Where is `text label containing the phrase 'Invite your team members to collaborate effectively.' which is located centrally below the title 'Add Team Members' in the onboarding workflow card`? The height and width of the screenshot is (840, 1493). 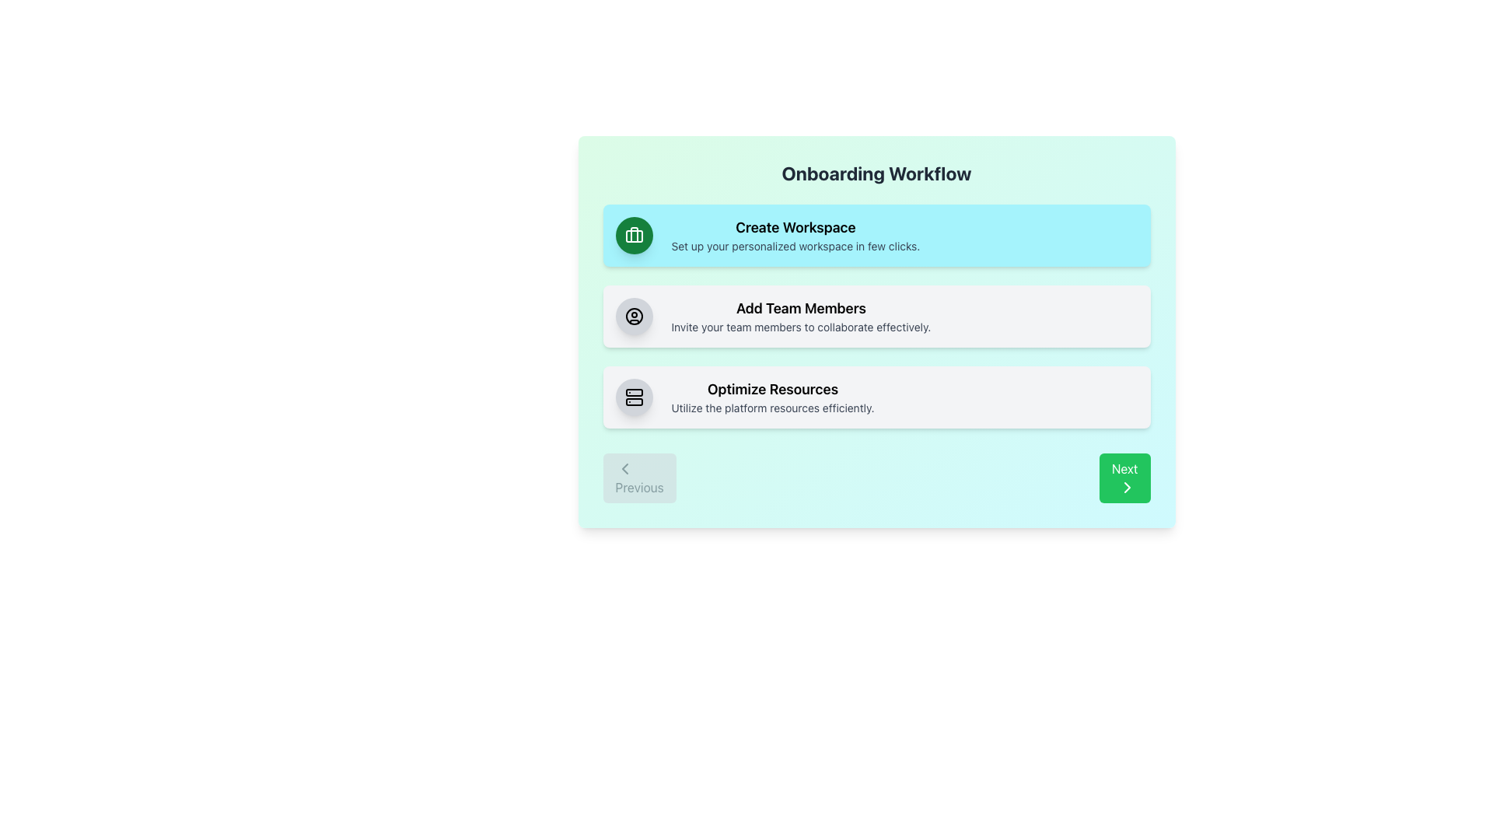 text label containing the phrase 'Invite your team members to collaborate effectively.' which is located centrally below the title 'Add Team Members' in the onboarding workflow card is located at coordinates (801, 326).